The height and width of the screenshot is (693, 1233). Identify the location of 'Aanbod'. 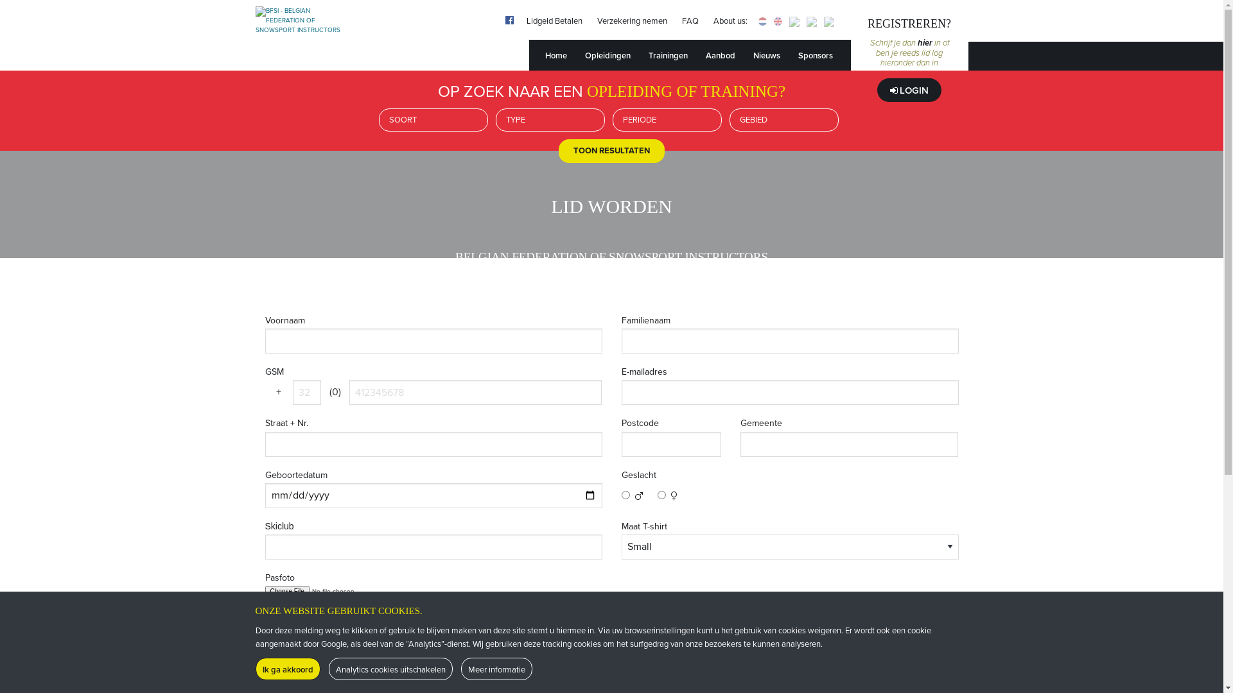
(728, 54).